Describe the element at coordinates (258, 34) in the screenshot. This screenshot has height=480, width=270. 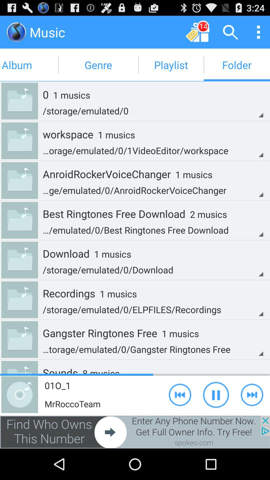
I see `the more icon` at that location.